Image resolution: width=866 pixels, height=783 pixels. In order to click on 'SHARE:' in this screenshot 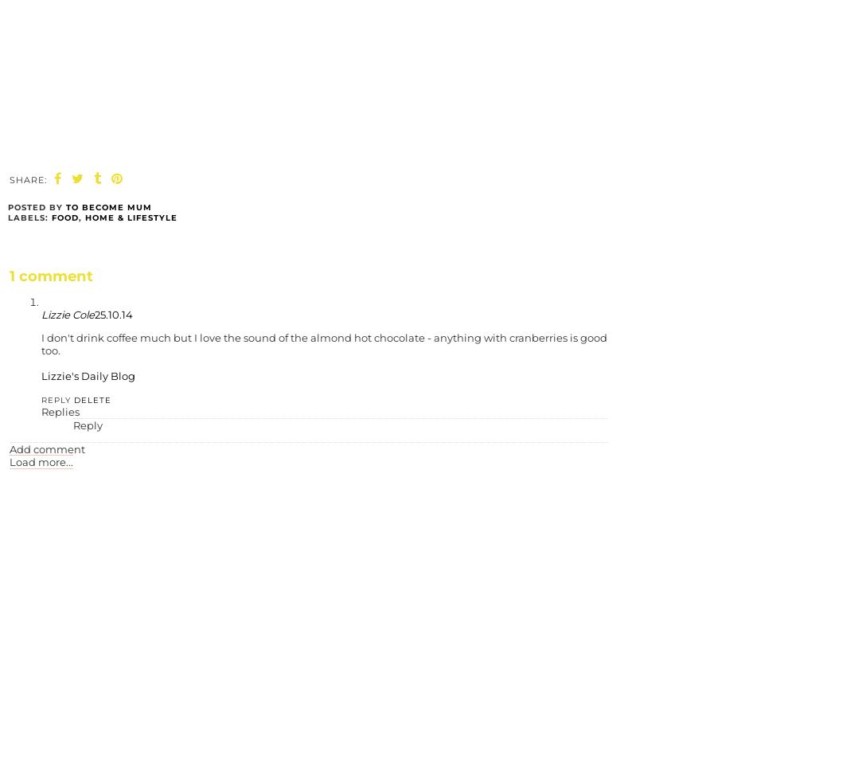, I will do `click(27, 179)`.